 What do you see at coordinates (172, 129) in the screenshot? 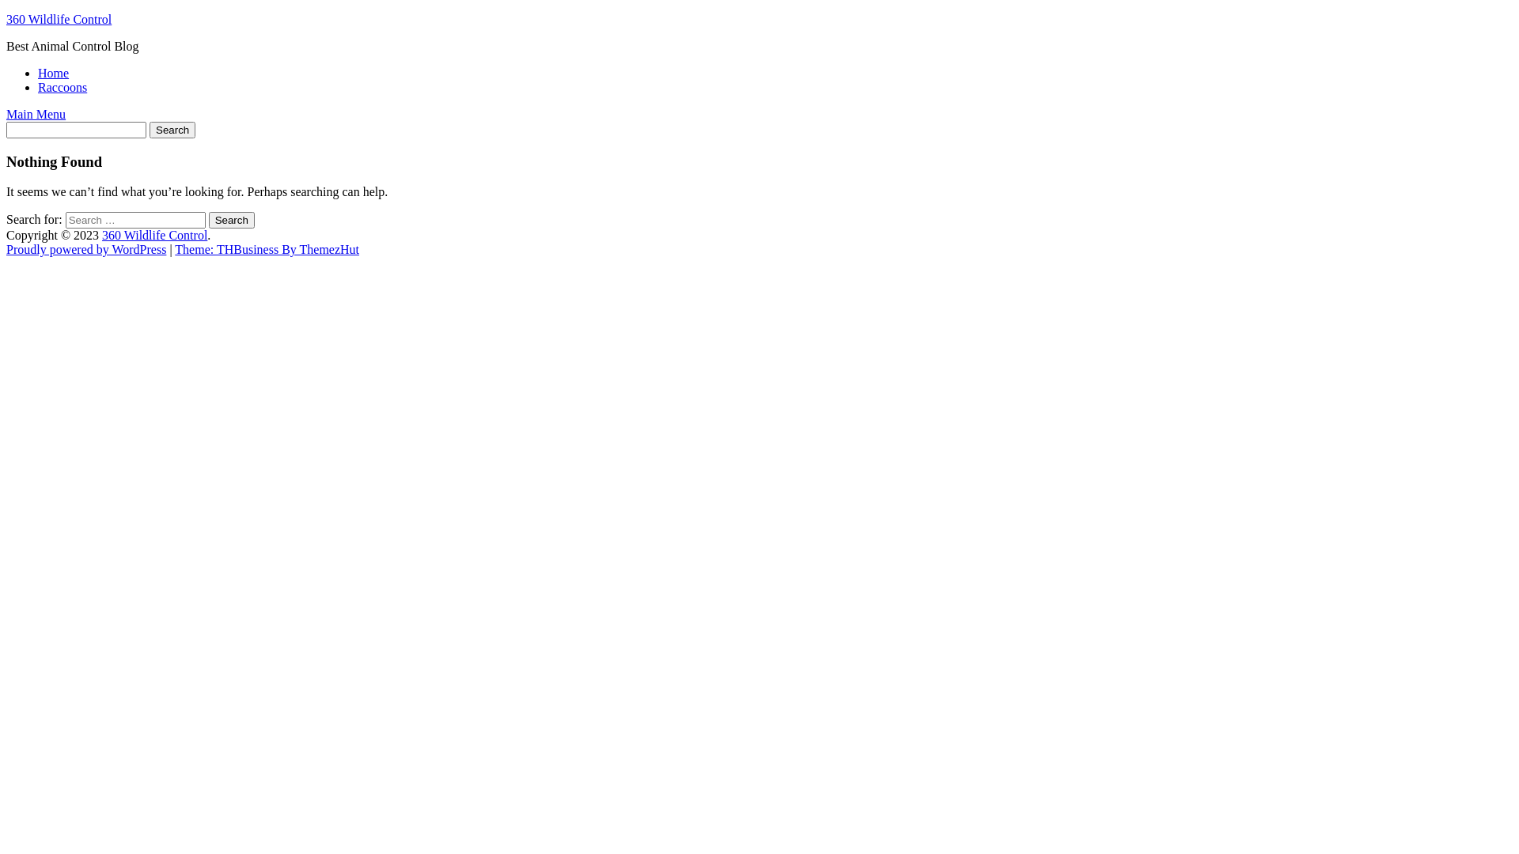
I see `'Search'` at bounding box center [172, 129].